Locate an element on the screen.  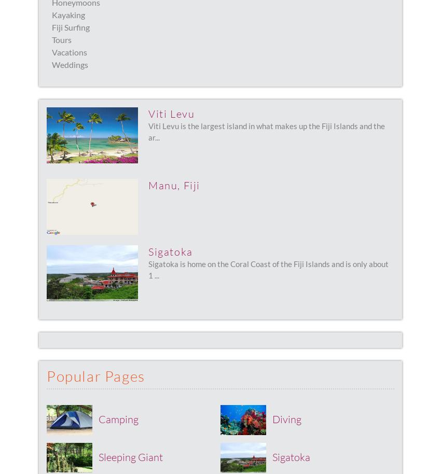
'Fiji Surfing' is located at coordinates (71, 26).